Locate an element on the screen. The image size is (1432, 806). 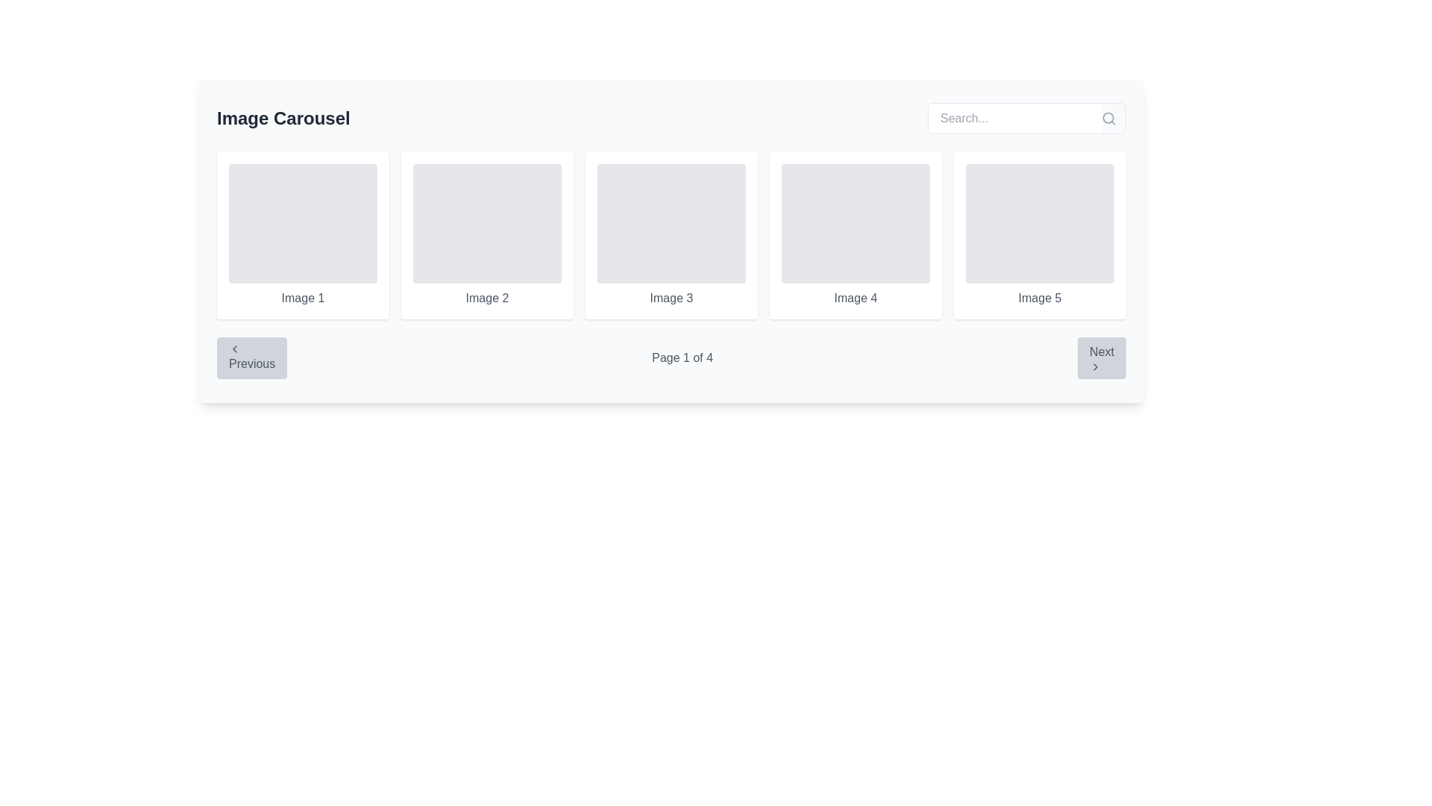
the navigation button located at the rightmost end of the navigation bar below the image carousel is located at coordinates (1102, 357).